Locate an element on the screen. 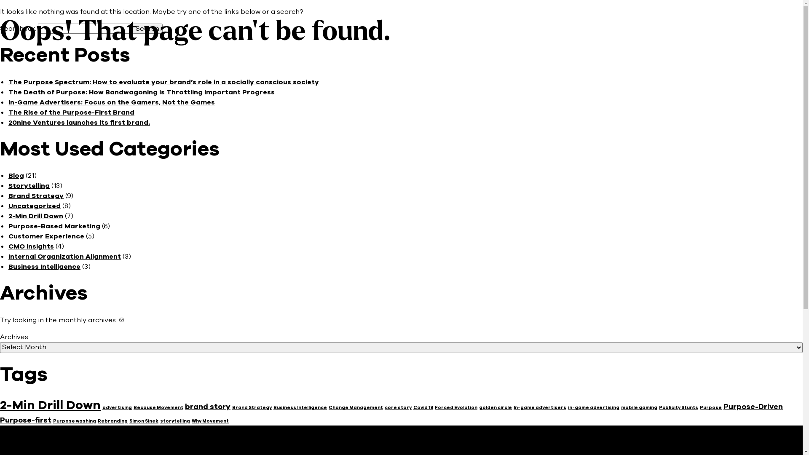 The width and height of the screenshot is (809, 455). 'Business Intelligence' is located at coordinates (8, 266).